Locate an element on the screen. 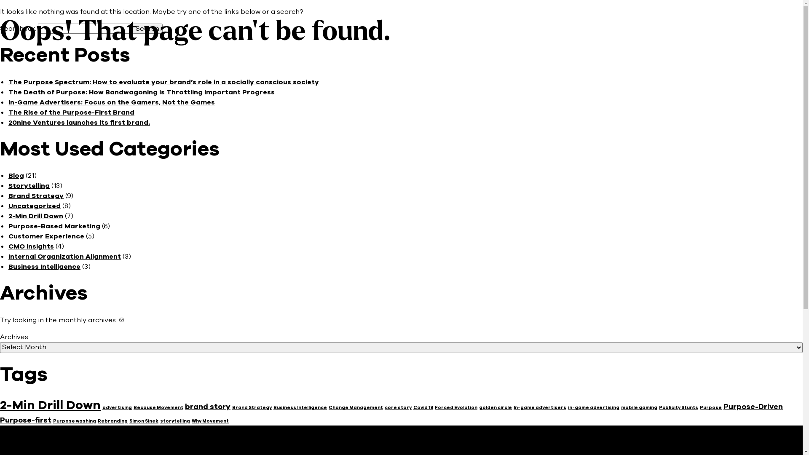 The width and height of the screenshot is (809, 455). 'Business Intelligence' is located at coordinates (8, 266).